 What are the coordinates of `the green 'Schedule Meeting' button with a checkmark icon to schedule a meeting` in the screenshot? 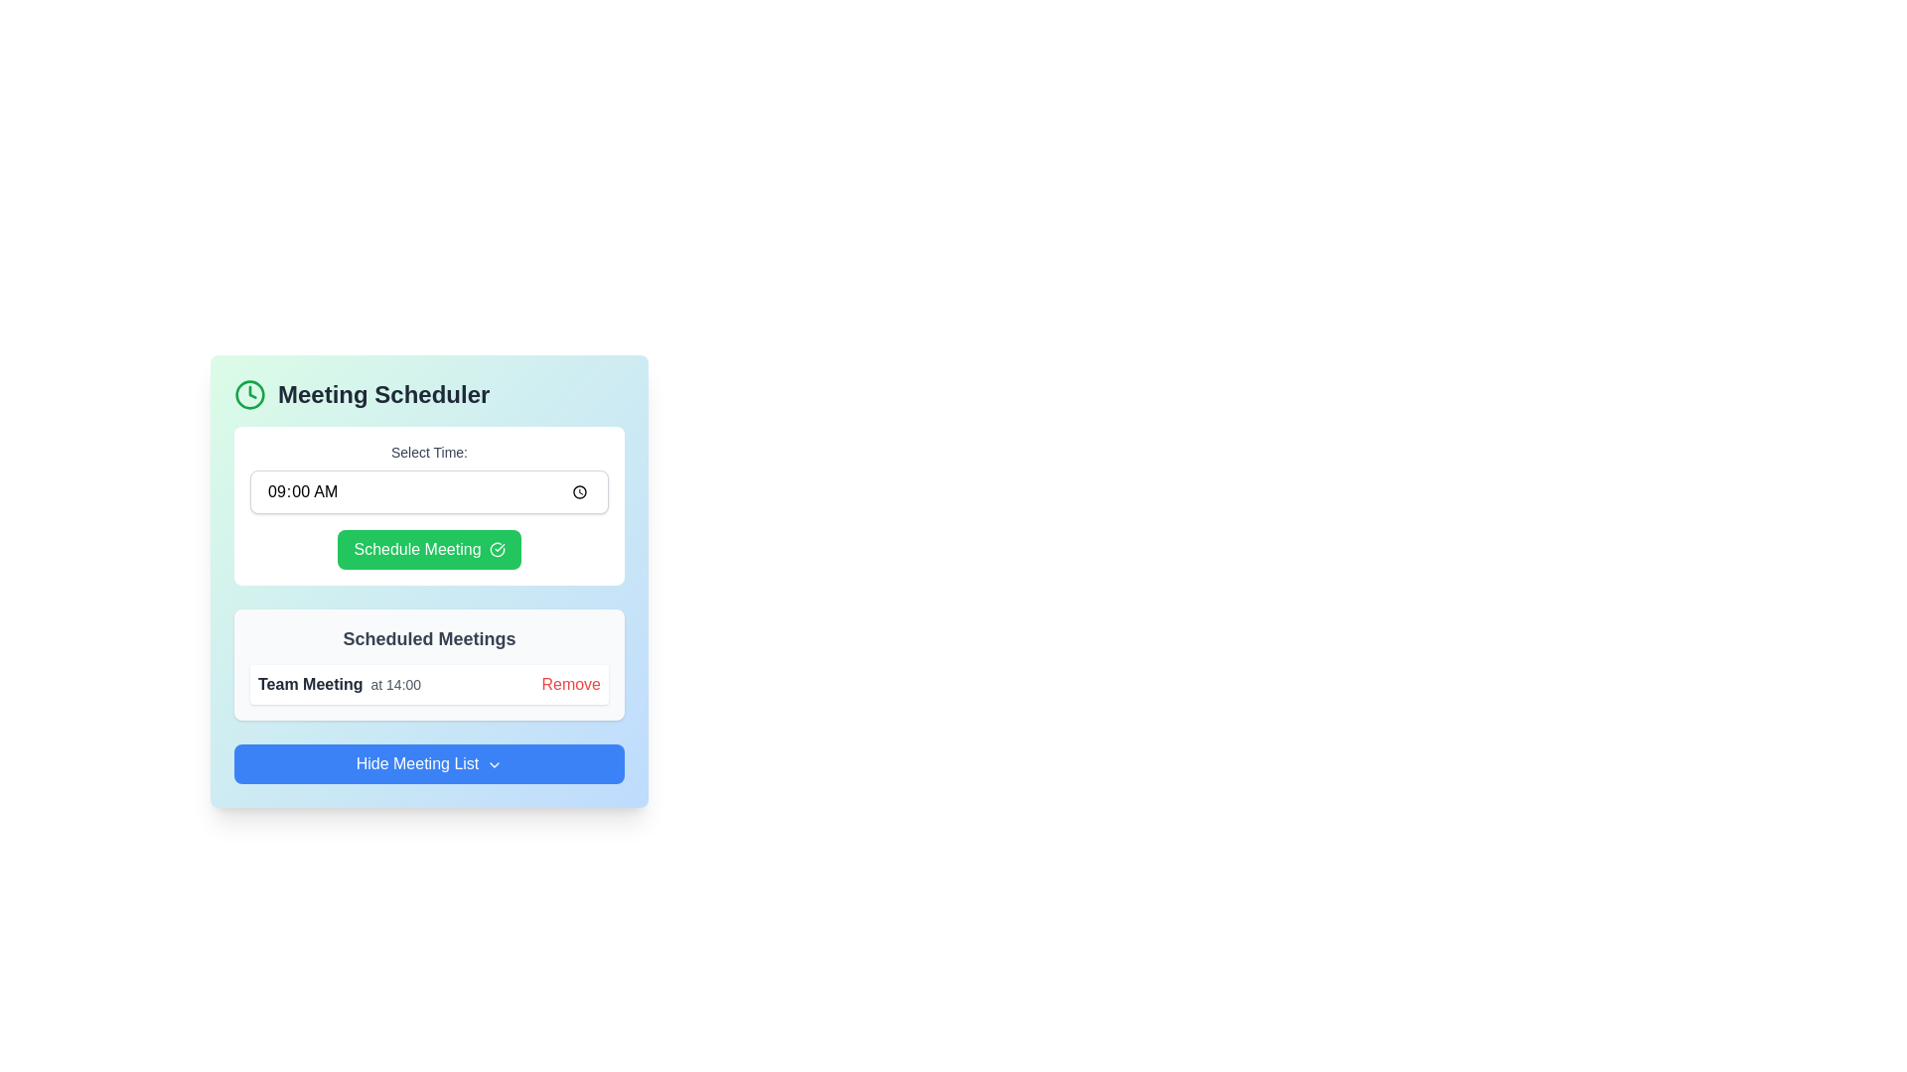 It's located at (428, 550).